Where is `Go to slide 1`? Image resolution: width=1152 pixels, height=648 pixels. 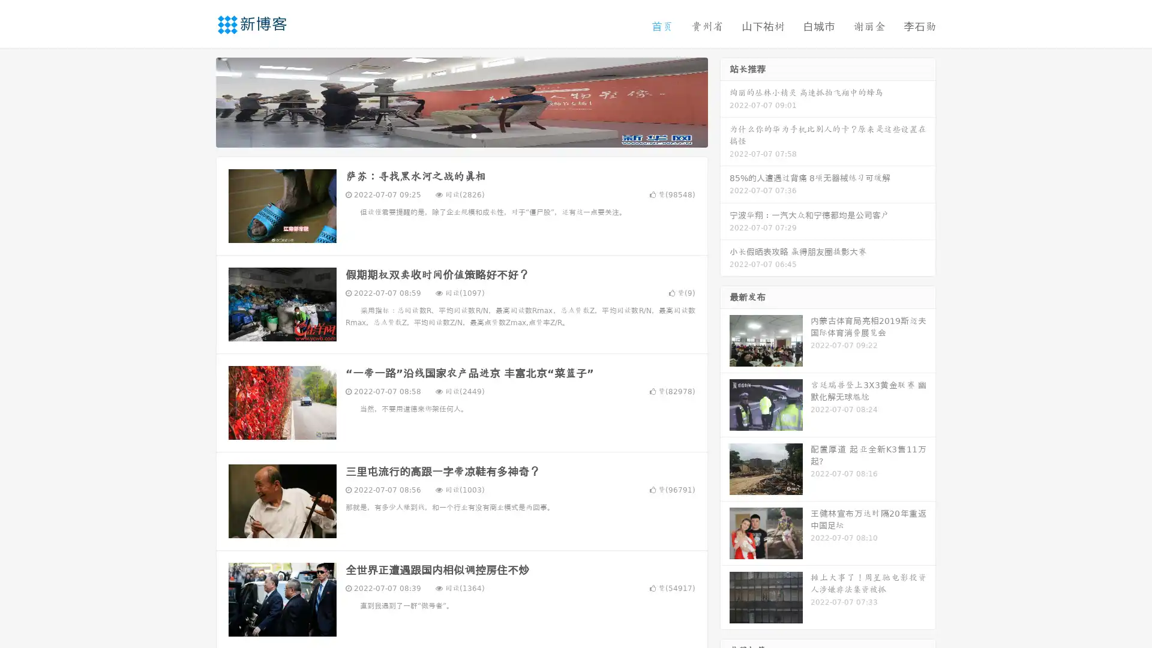 Go to slide 1 is located at coordinates (449, 135).